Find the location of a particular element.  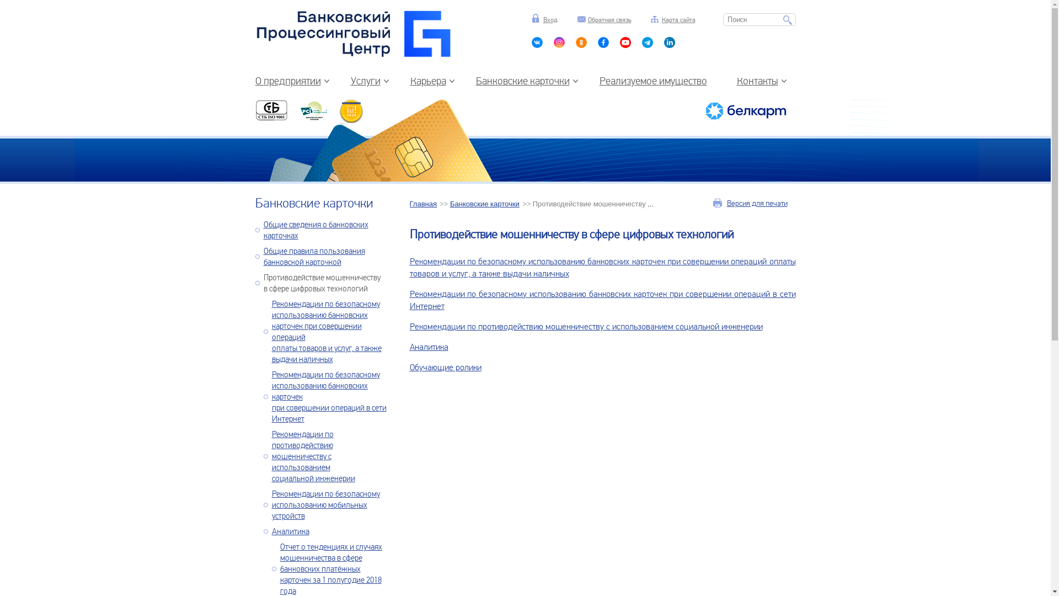

'Facebook' is located at coordinates (669, 44).